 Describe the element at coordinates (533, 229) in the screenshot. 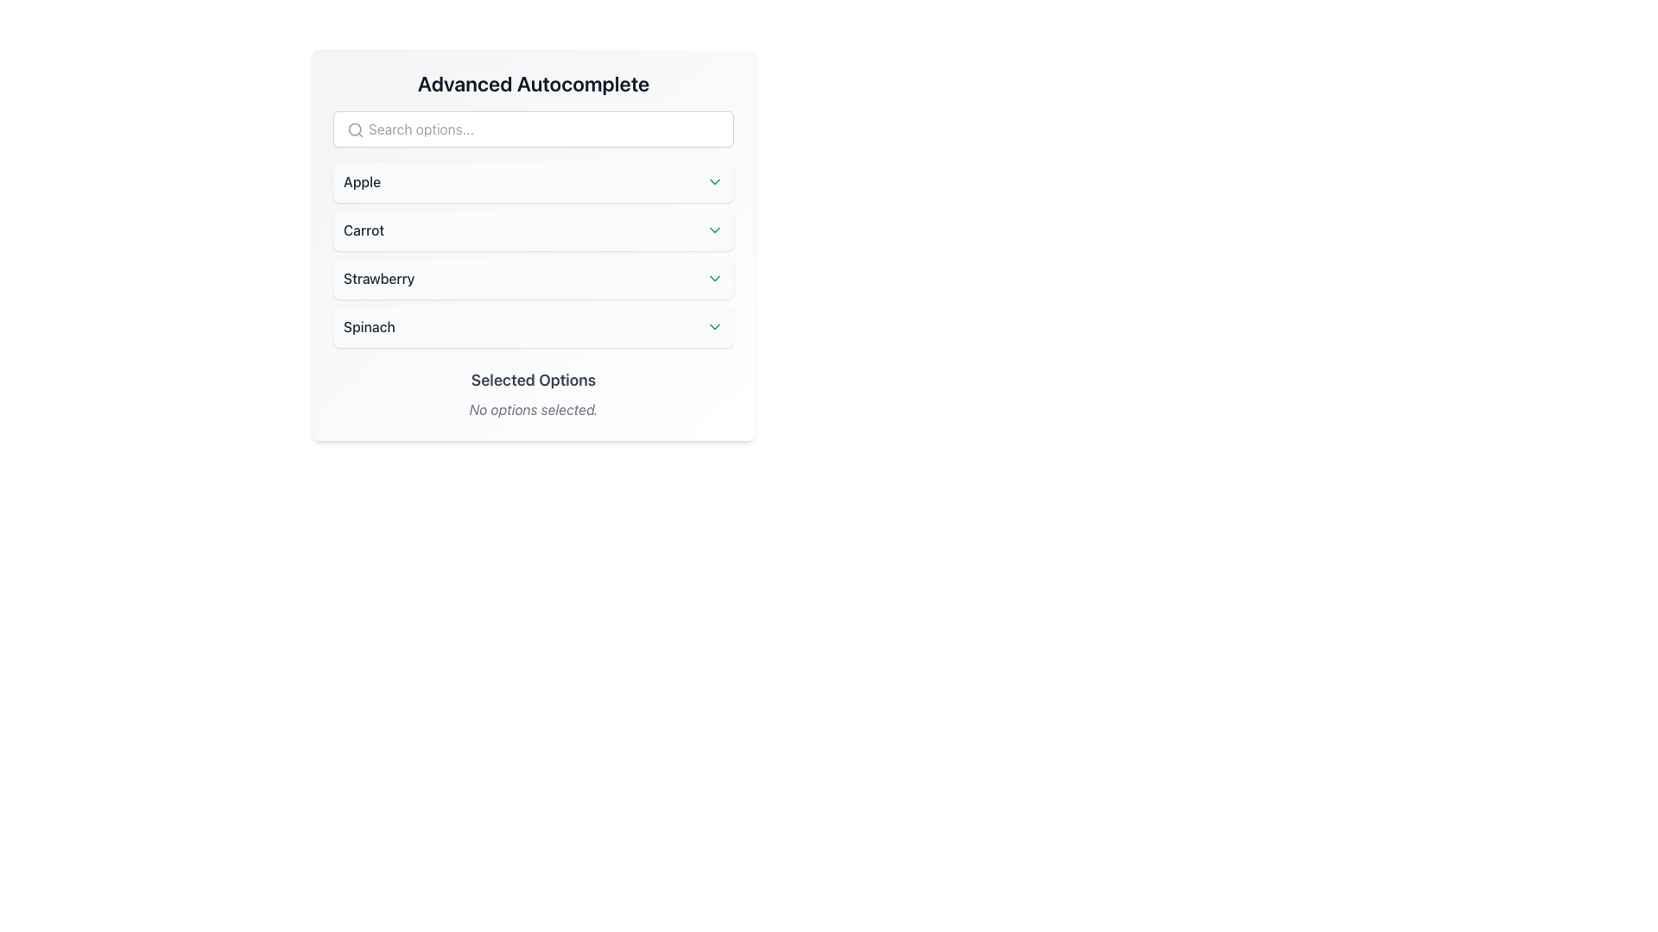

I see `the second item 'Carrot' in the list` at that location.